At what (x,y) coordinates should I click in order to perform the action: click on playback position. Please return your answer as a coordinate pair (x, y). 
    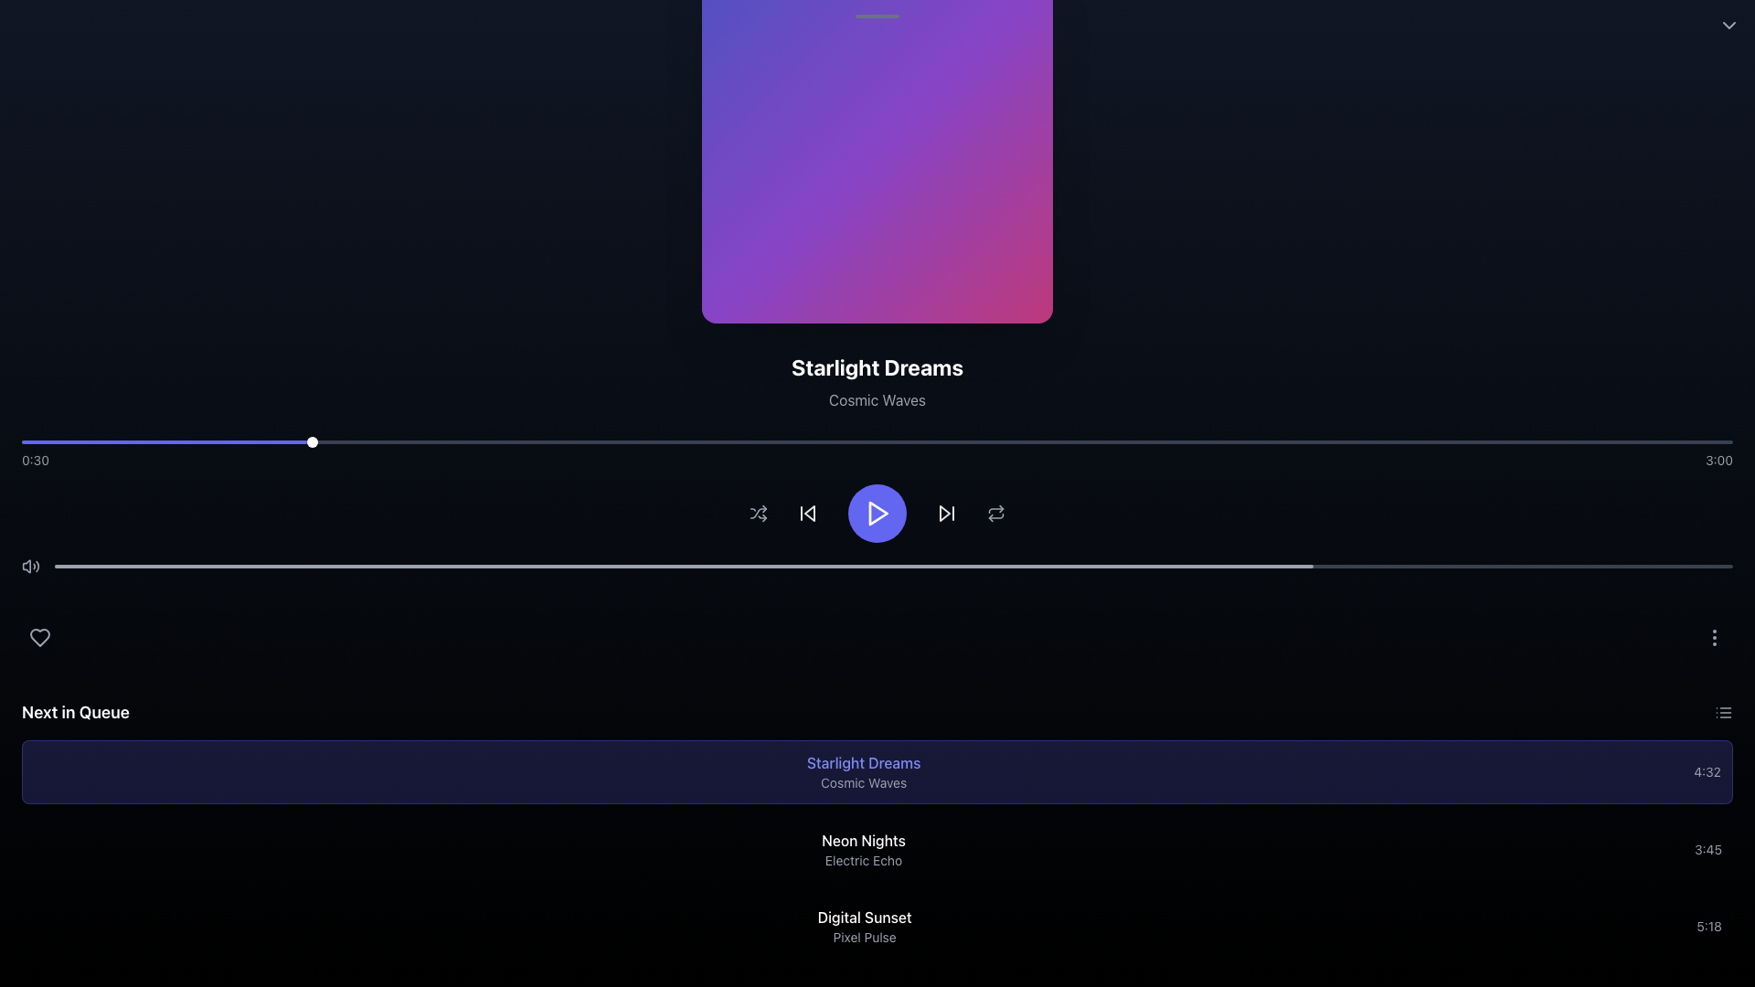
    Looking at the image, I should click on (1104, 441).